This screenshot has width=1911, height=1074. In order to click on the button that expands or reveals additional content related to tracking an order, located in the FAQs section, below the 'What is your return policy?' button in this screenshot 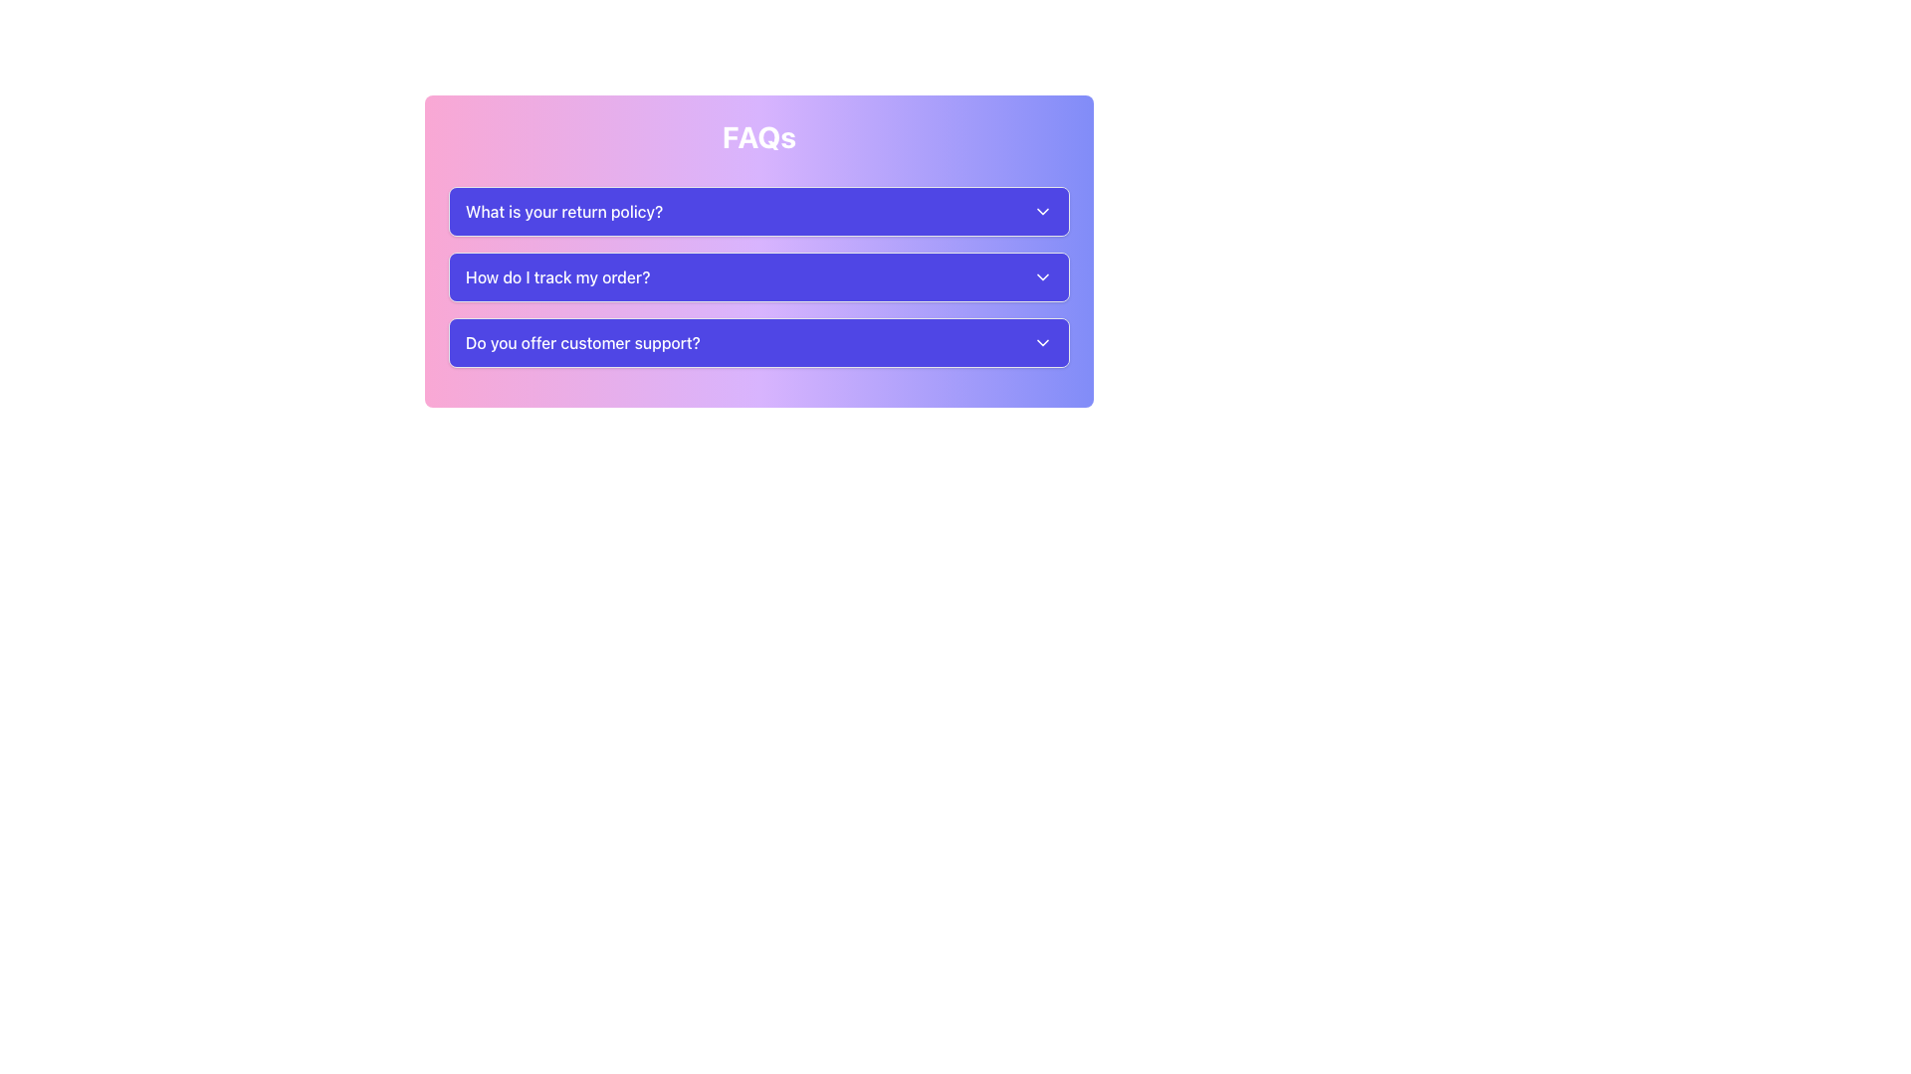, I will do `click(758, 276)`.